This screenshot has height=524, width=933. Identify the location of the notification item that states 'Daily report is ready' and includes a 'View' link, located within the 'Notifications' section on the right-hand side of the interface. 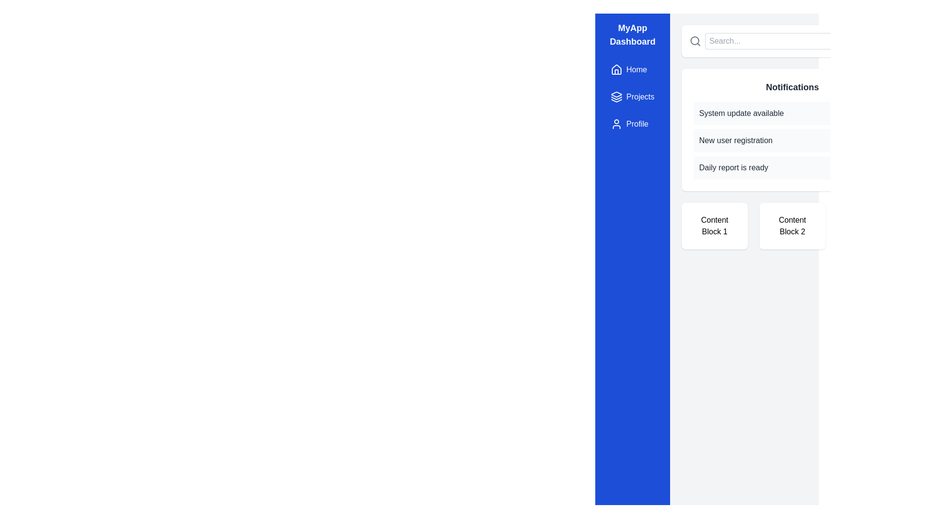
(792, 167).